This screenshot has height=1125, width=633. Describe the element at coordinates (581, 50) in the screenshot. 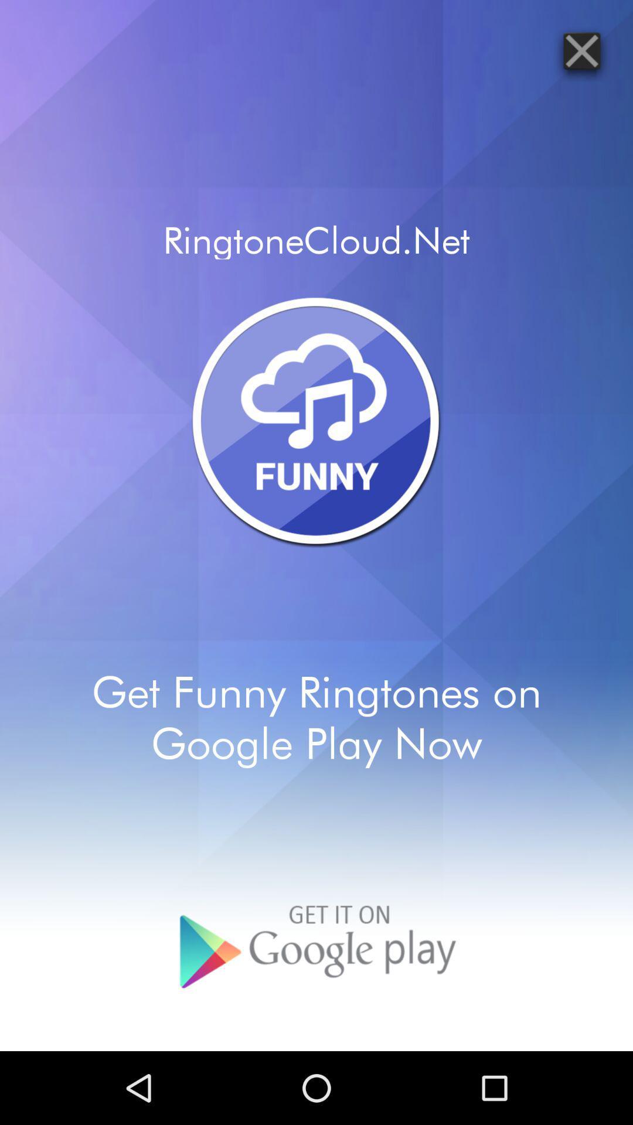

I see `exit this layout` at that location.